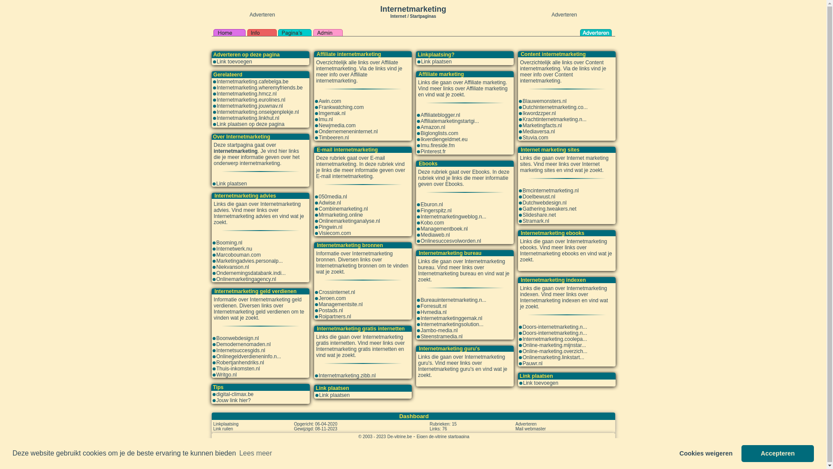 The width and height of the screenshot is (833, 469). I want to click on 'Internetmarketing.hmcz.nl', so click(246, 94).